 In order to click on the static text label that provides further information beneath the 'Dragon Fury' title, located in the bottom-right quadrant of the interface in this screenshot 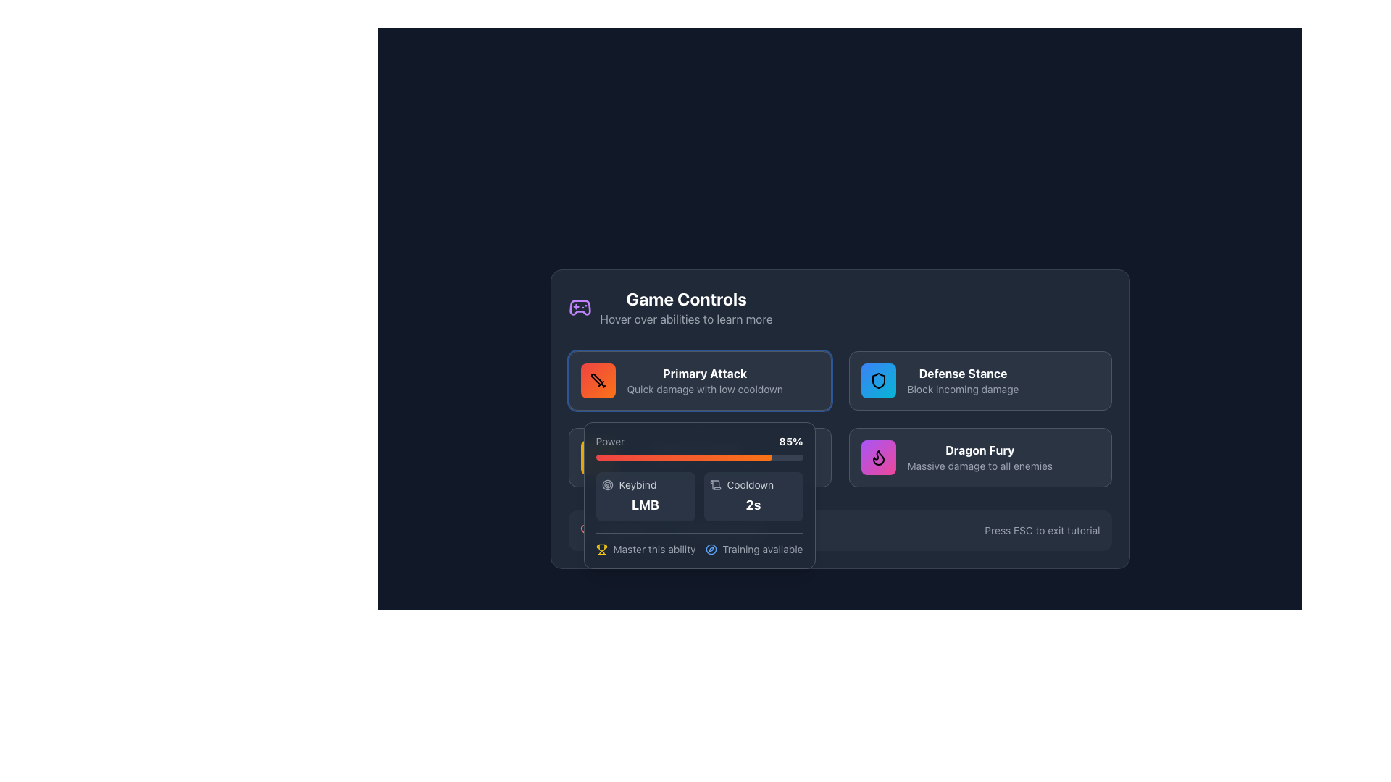, I will do `click(979, 466)`.